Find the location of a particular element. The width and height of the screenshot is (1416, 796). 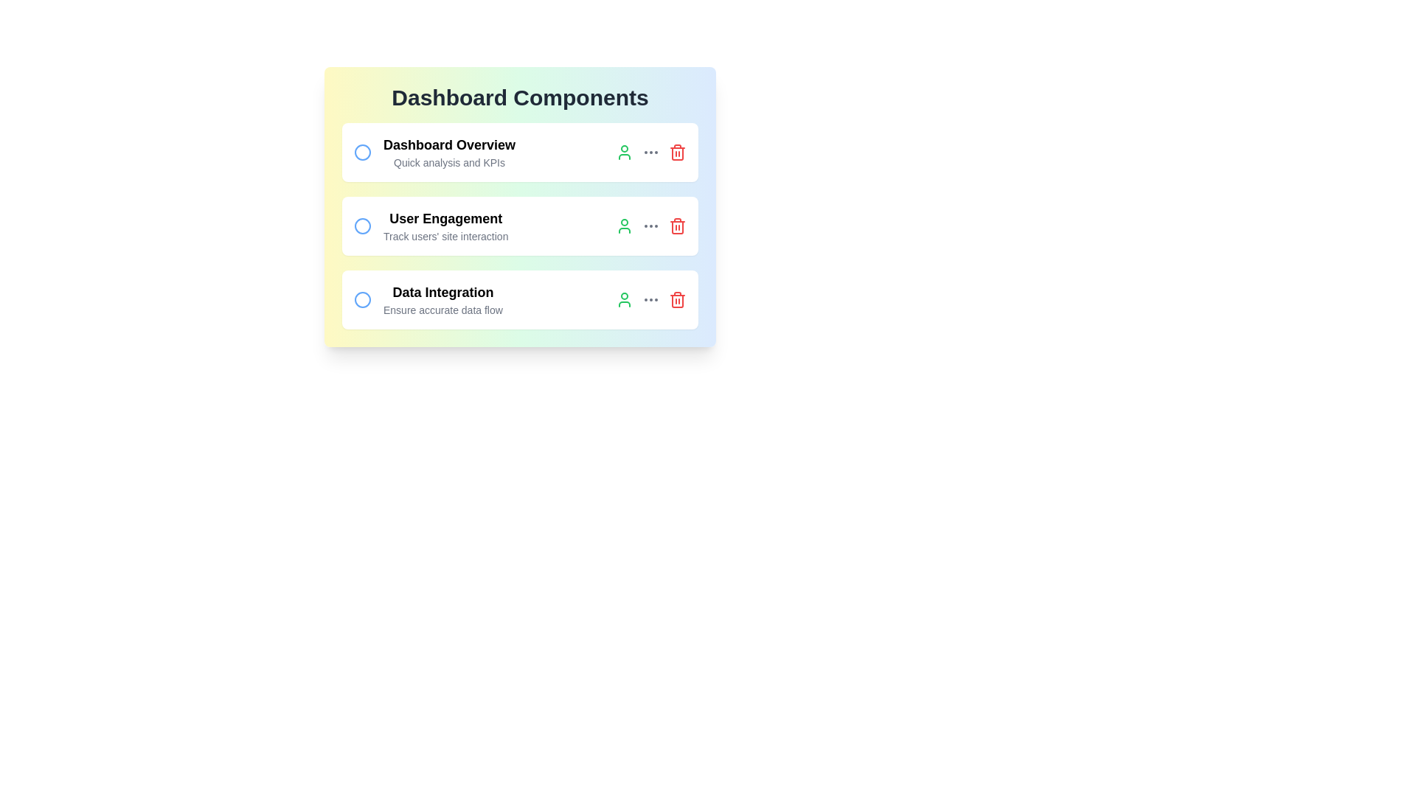

the trash icon to delete the task corresponding to User Engagement is located at coordinates (676, 226).